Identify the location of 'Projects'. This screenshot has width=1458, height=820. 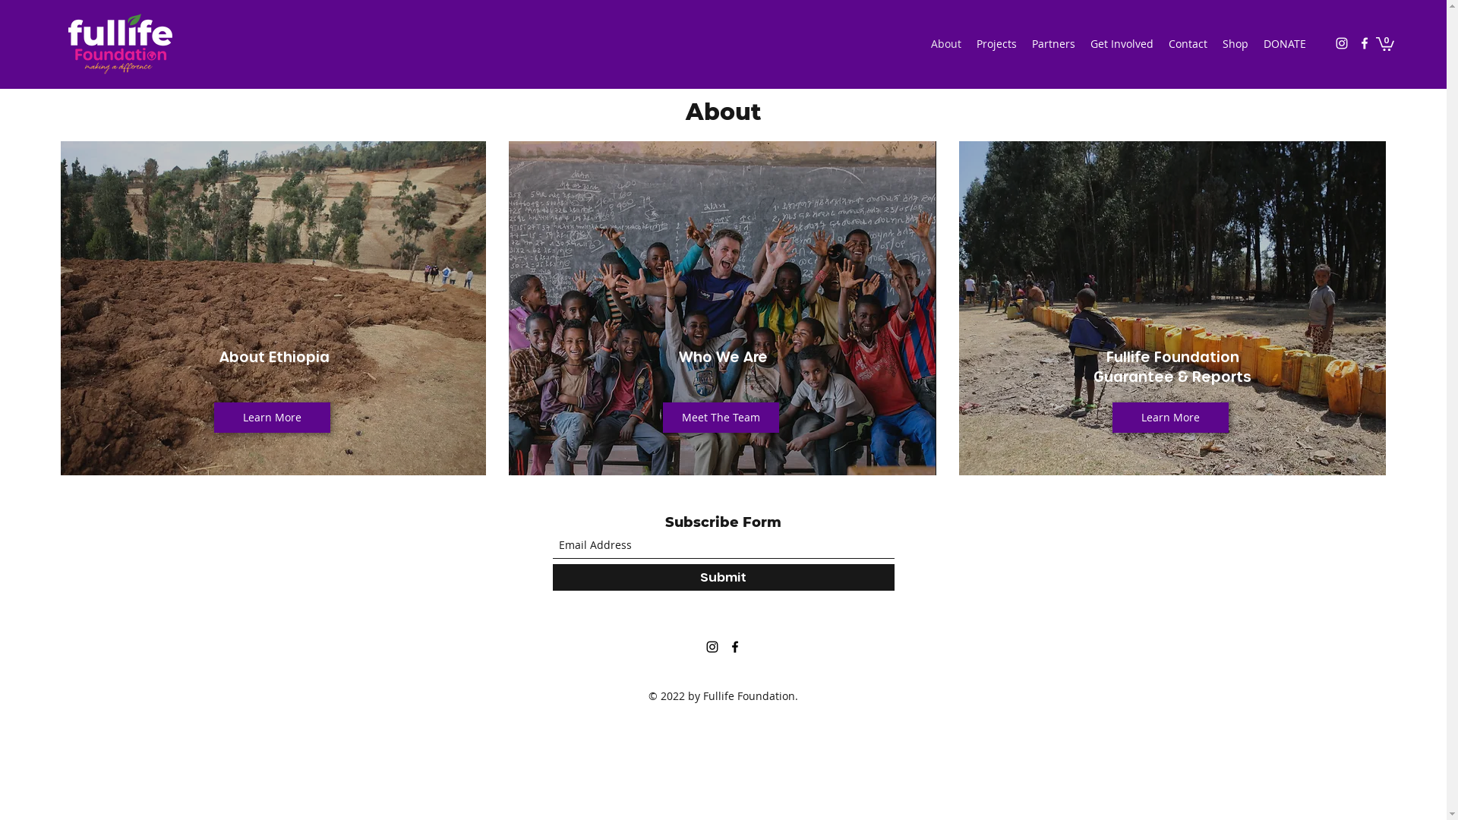
(996, 43).